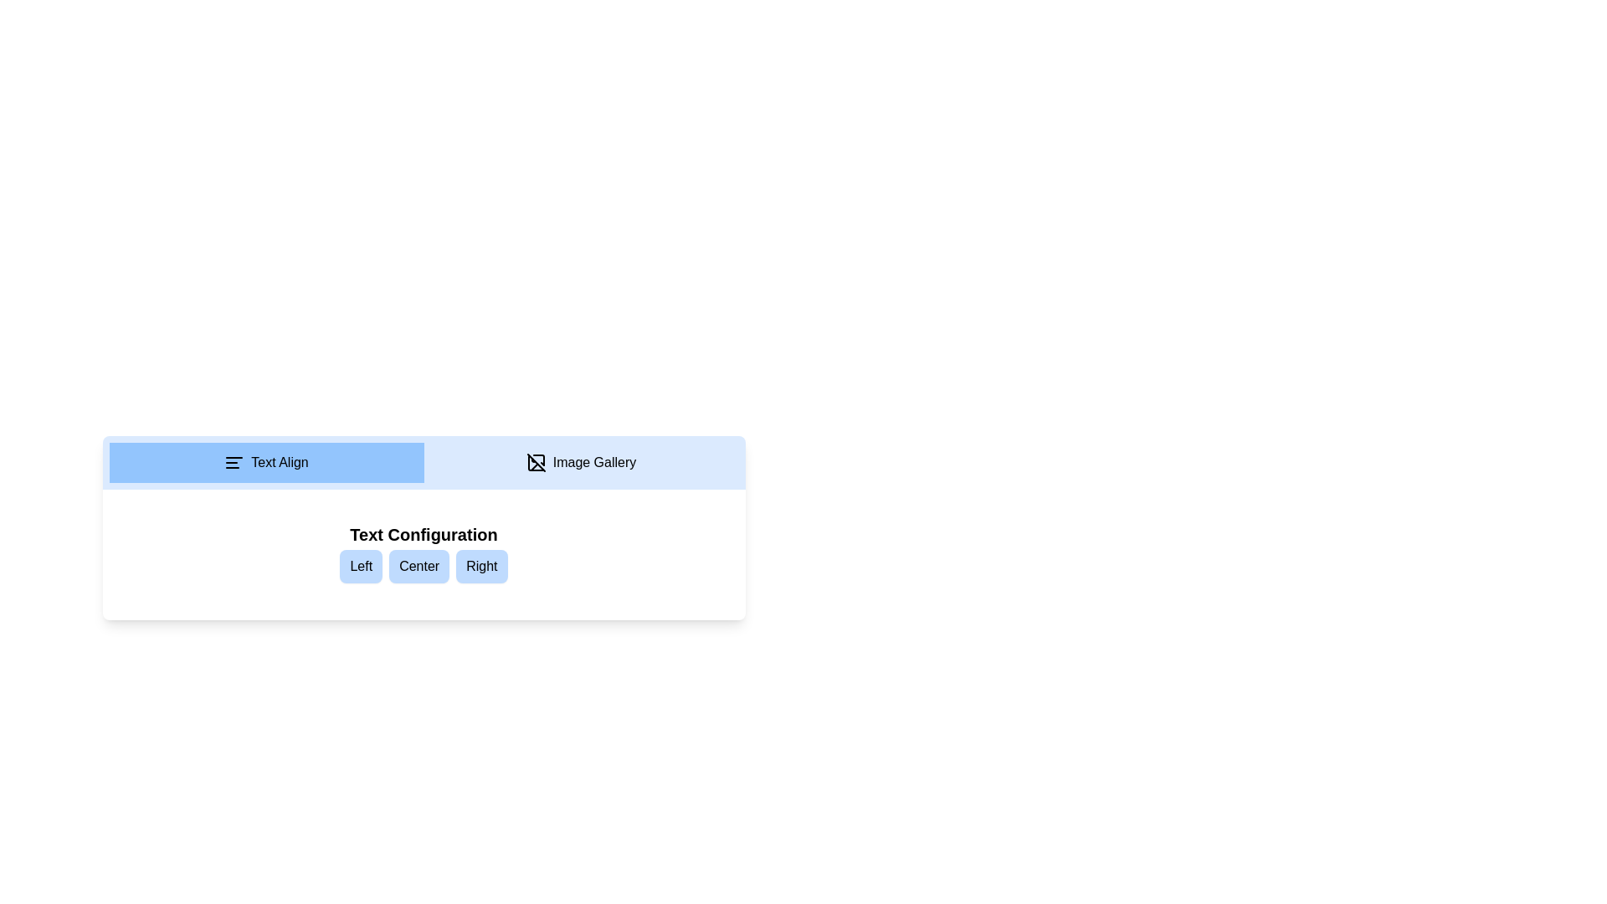  I want to click on the Left alignment button, so click(360, 566).